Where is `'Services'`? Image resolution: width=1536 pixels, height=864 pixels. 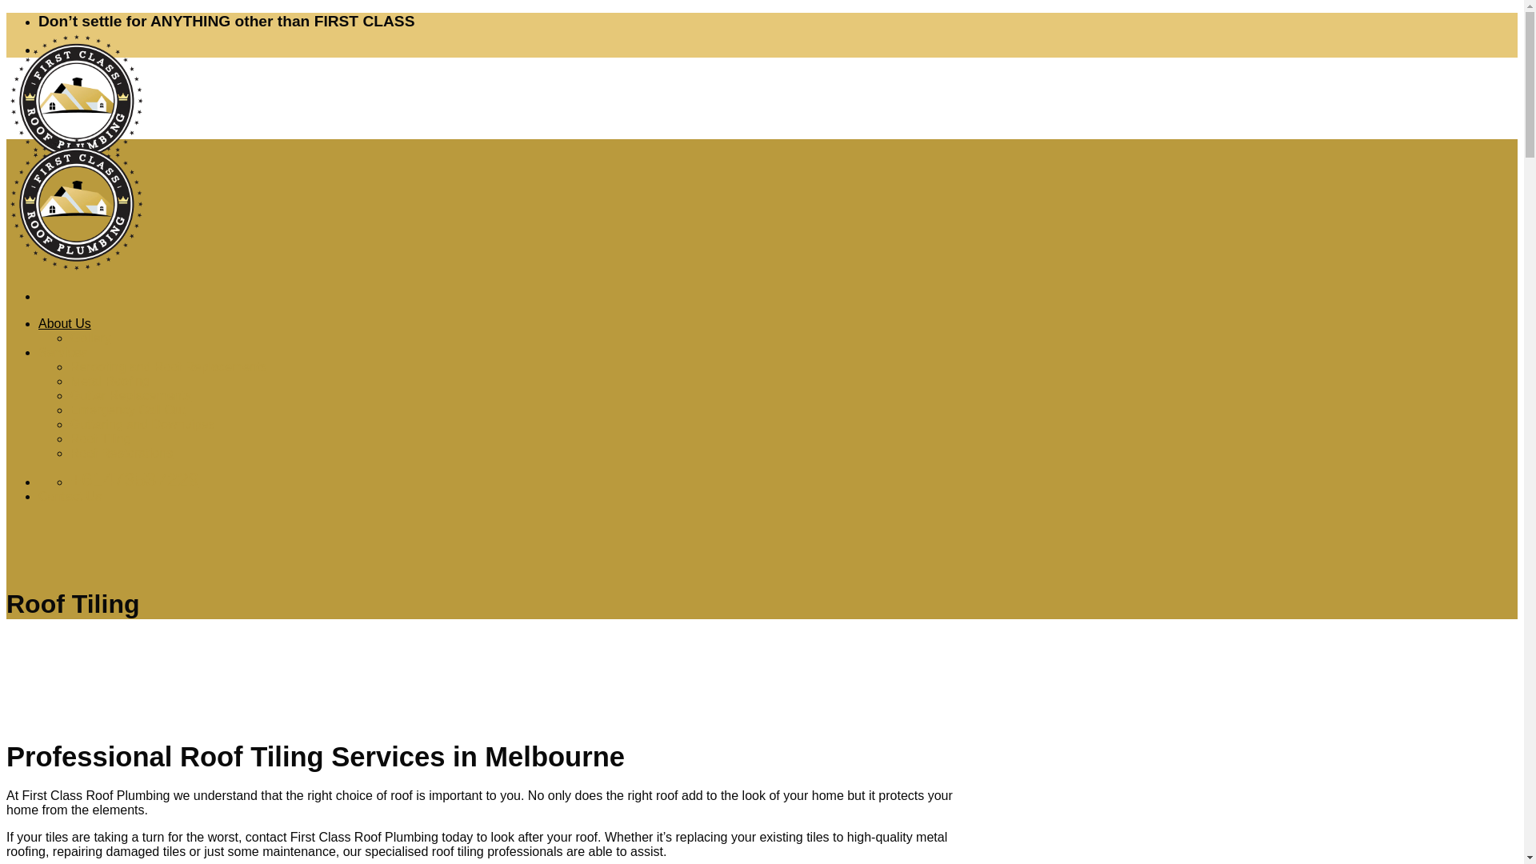 'Services' is located at coordinates (62, 351).